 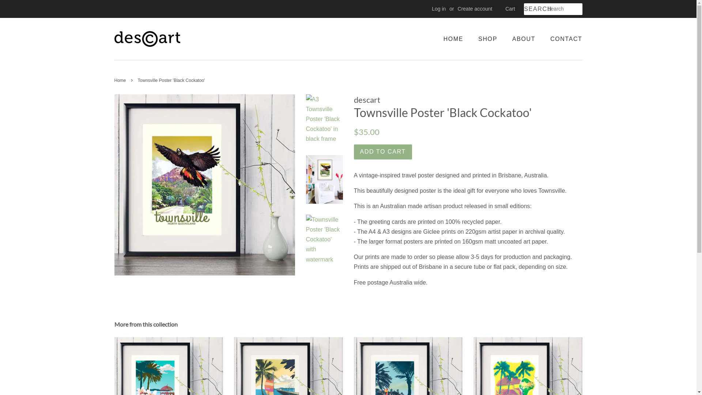 What do you see at coordinates (475, 8) in the screenshot?
I see `'Create account'` at bounding box center [475, 8].